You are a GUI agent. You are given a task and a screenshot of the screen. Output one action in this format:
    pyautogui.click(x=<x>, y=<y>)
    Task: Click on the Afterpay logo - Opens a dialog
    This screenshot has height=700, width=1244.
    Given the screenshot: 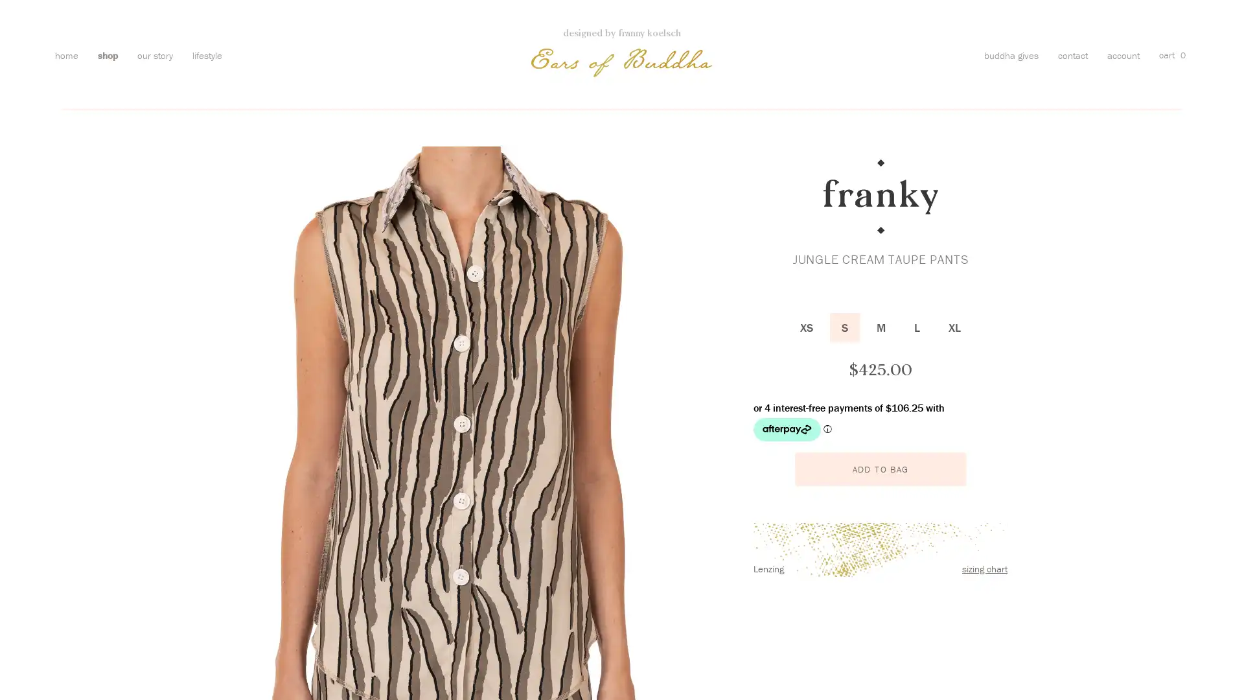 What is the action you would take?
    pyautogui.click(x=786, y=432)
    